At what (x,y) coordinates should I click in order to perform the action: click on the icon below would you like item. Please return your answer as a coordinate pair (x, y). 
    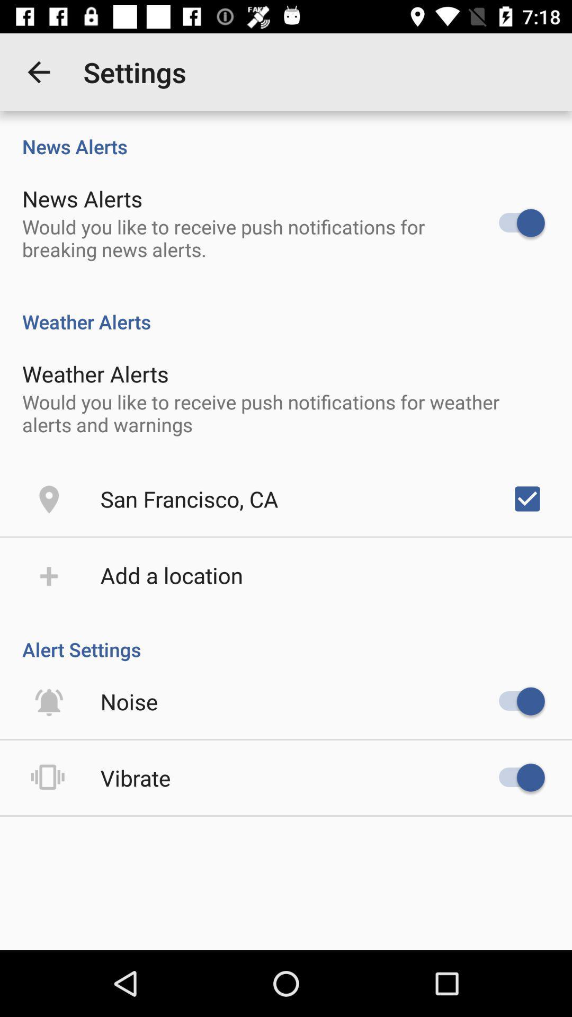
    Looking at the image, I should click on (189, 498).